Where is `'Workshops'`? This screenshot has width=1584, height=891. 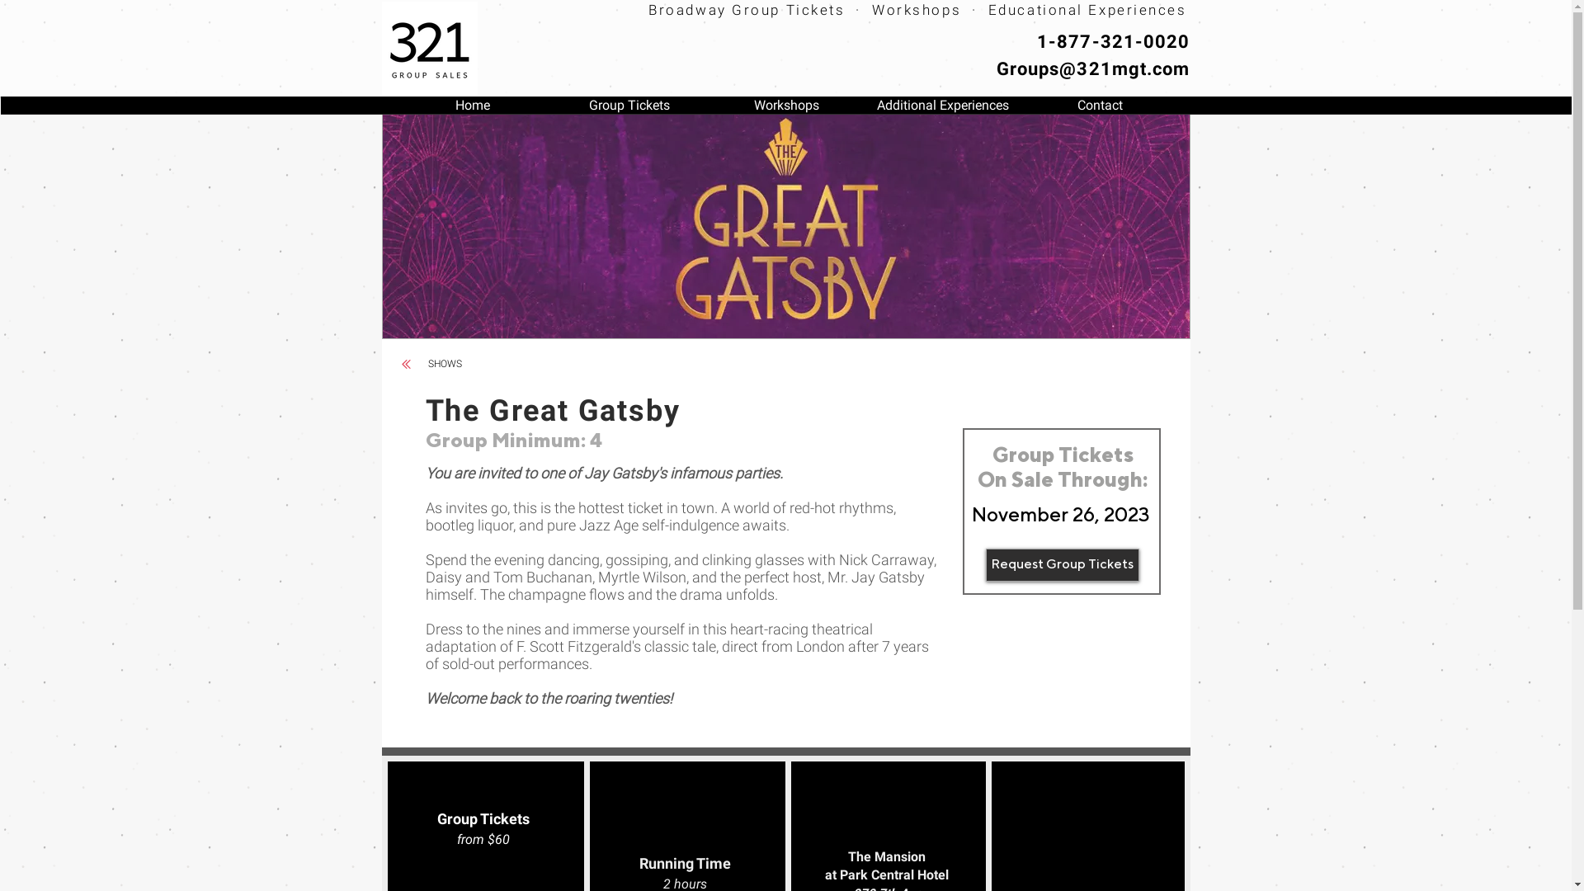
'Workshops' is located at coordinates (785, 111).